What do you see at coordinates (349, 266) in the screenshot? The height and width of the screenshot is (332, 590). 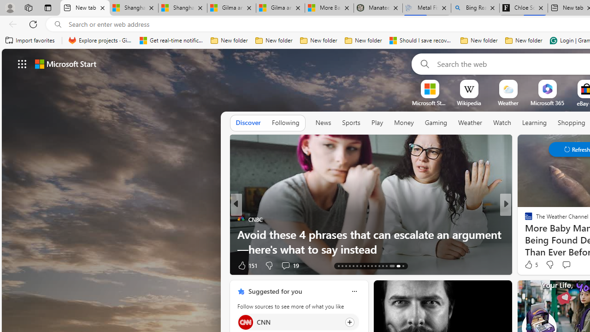 I see `'AutomationID: tab-16'` at bounding box center [349, 266].